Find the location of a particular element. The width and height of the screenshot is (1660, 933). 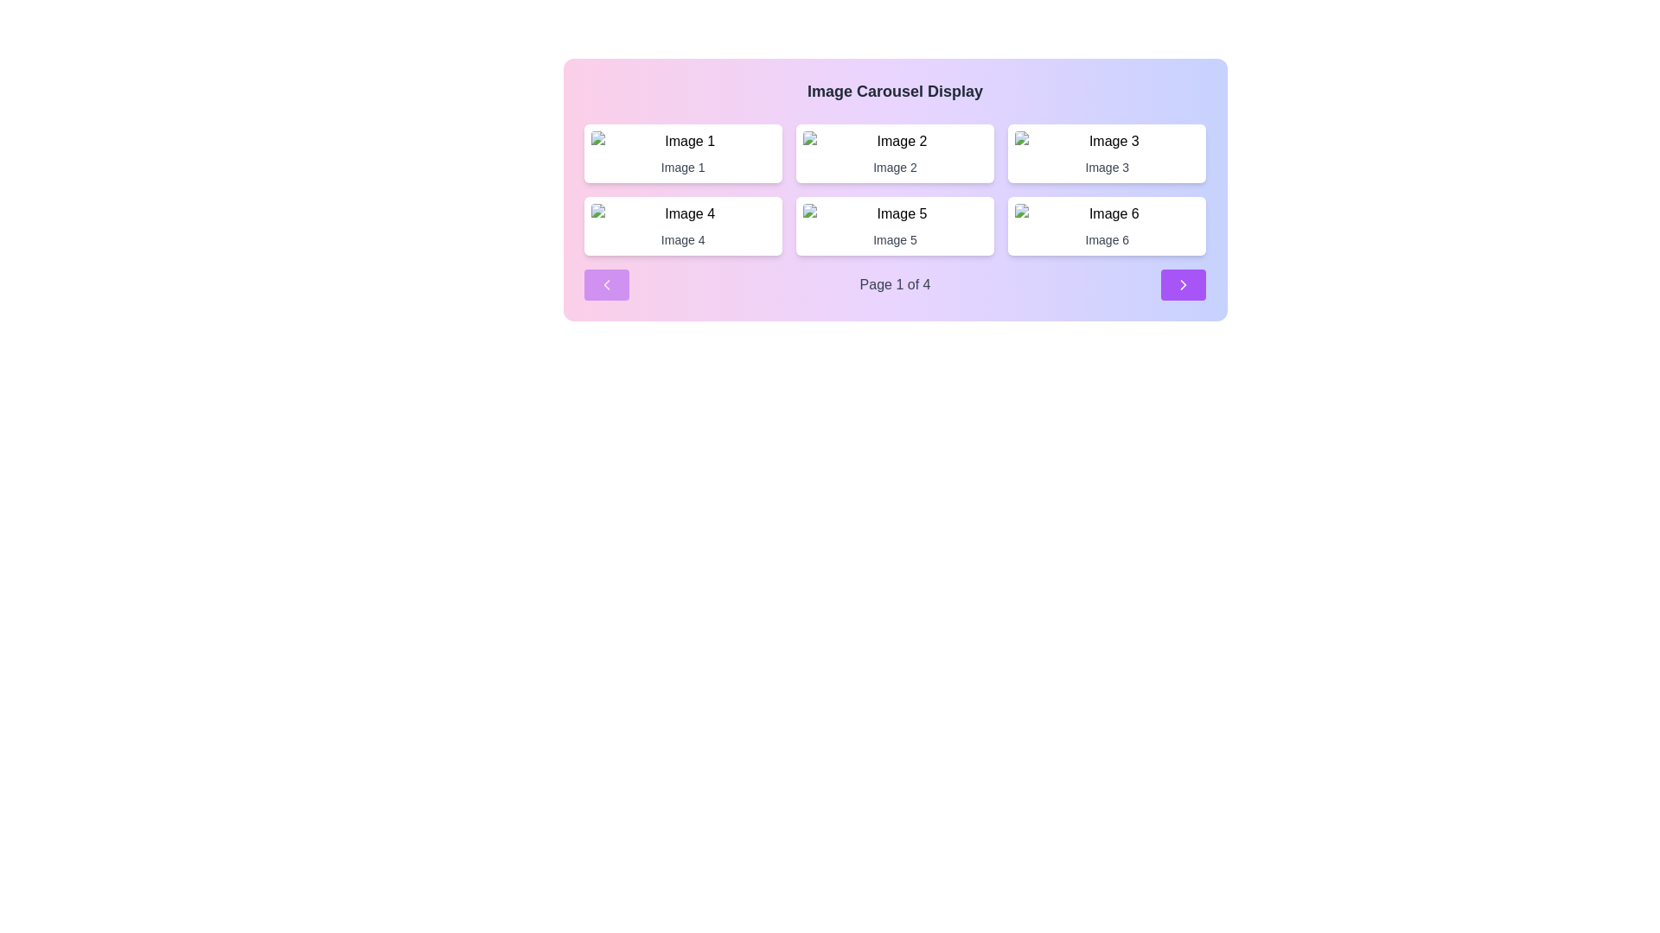

the text label indicating the current page number in the image carousel's navigation bar is located at coordinates (895, 284).